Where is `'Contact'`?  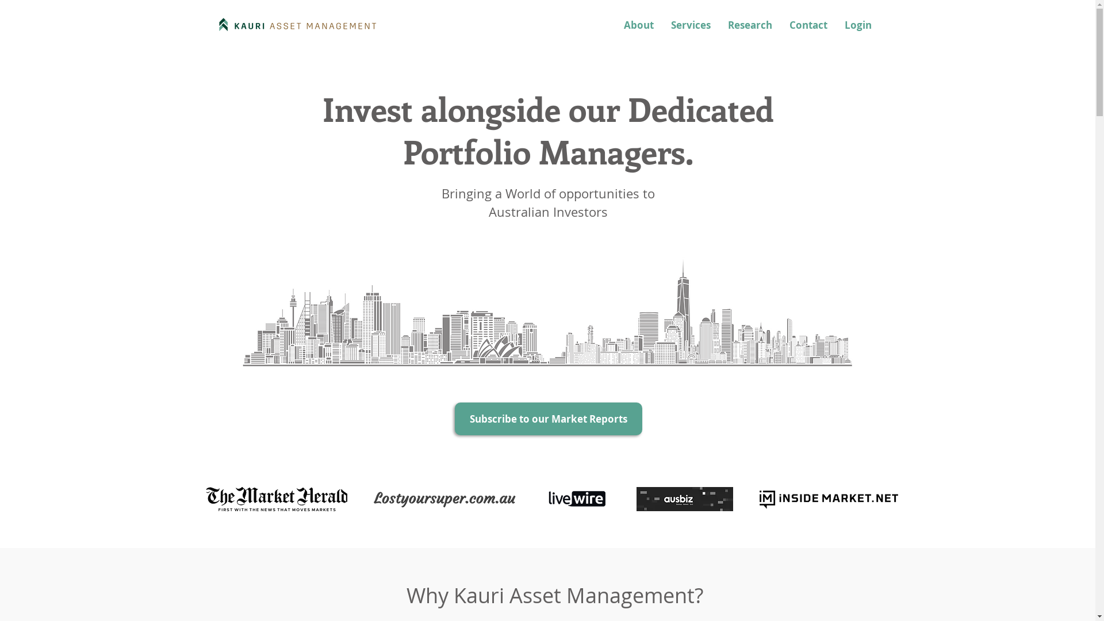 'Contact' is located at coordinates (808, 25).